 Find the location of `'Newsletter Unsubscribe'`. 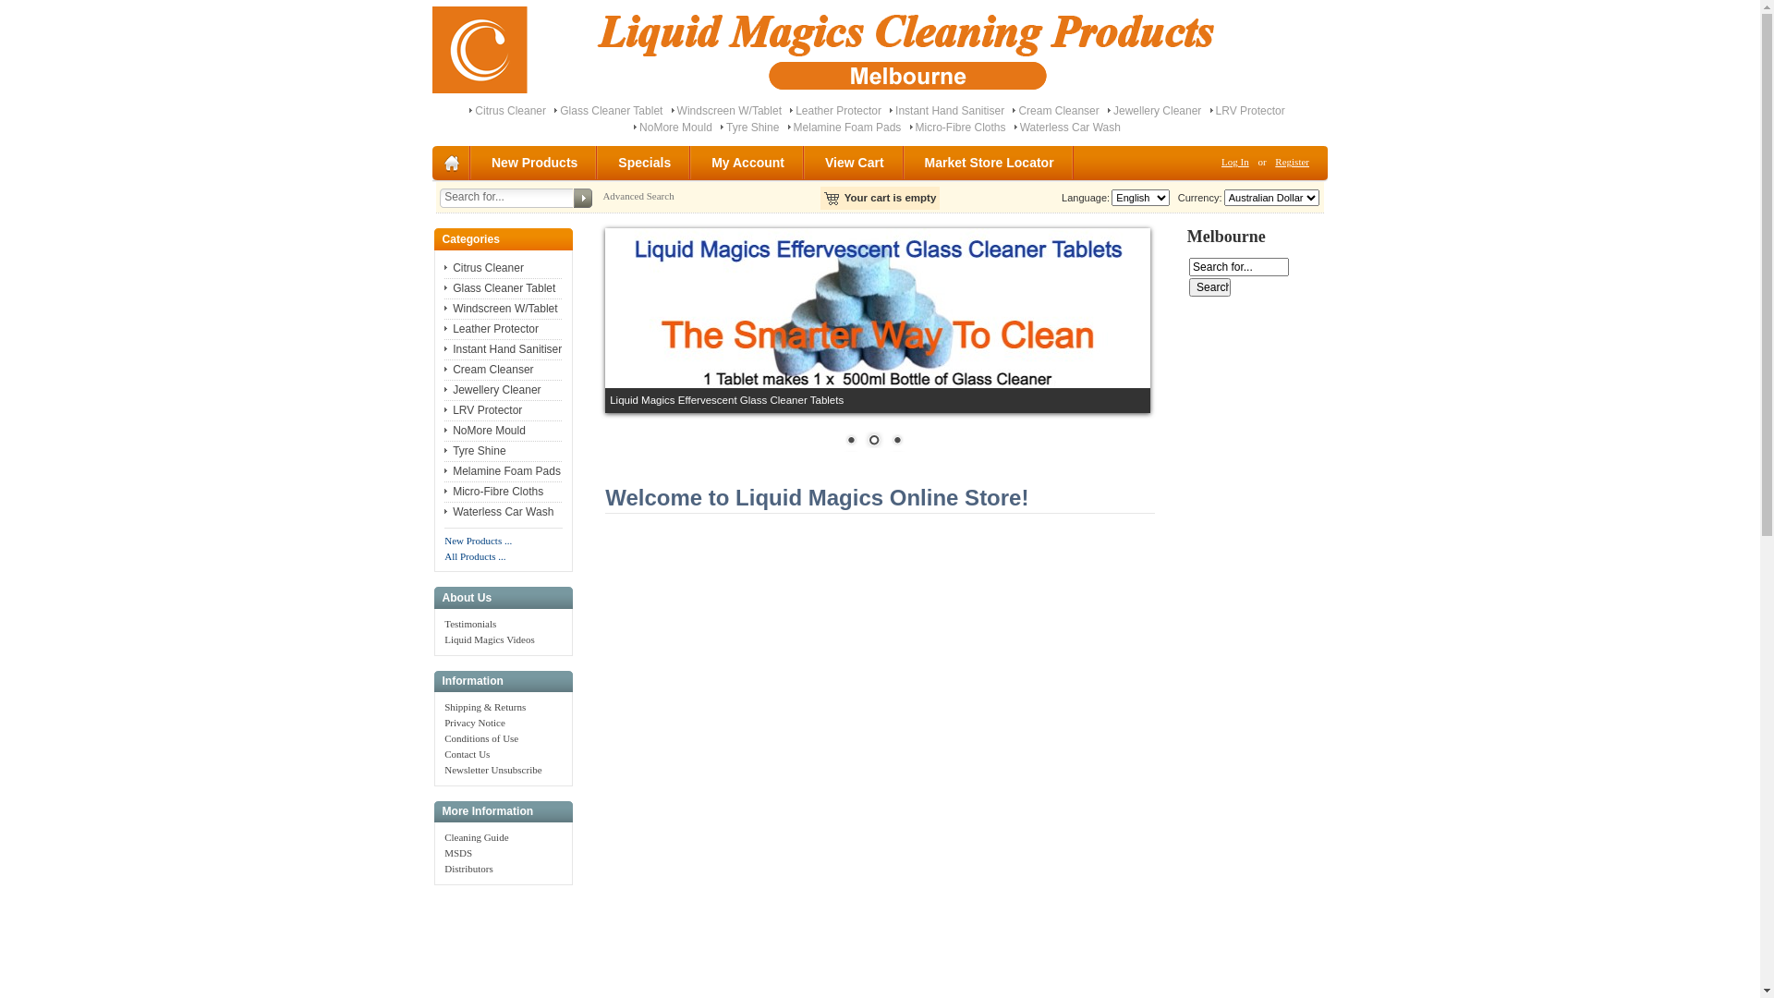

'Newsletter Unsubscribe' is located at coordinates (492, 770).